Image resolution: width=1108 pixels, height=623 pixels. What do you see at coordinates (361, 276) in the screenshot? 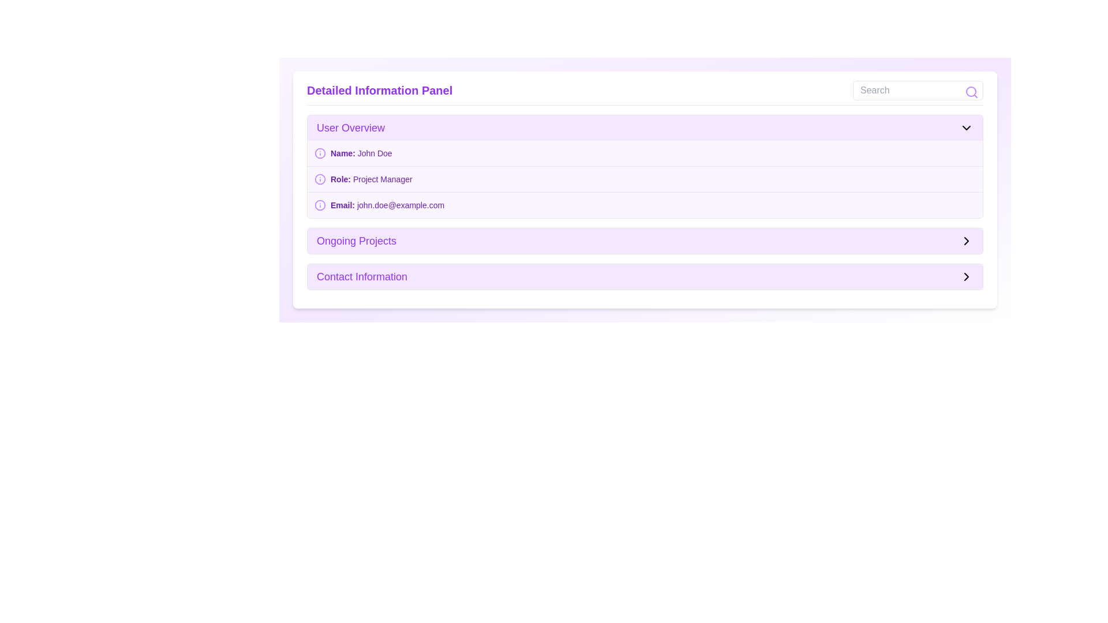
I see `text content of the bold purple text label 'Contact Information' located in the 'Detailed Information Panel' under the 'Ongoing Projects' section` at bounding box center [361, 276].